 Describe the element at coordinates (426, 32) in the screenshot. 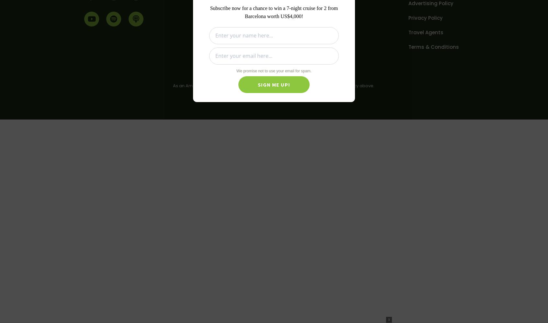

I see `'Travel Agents'` at that location.